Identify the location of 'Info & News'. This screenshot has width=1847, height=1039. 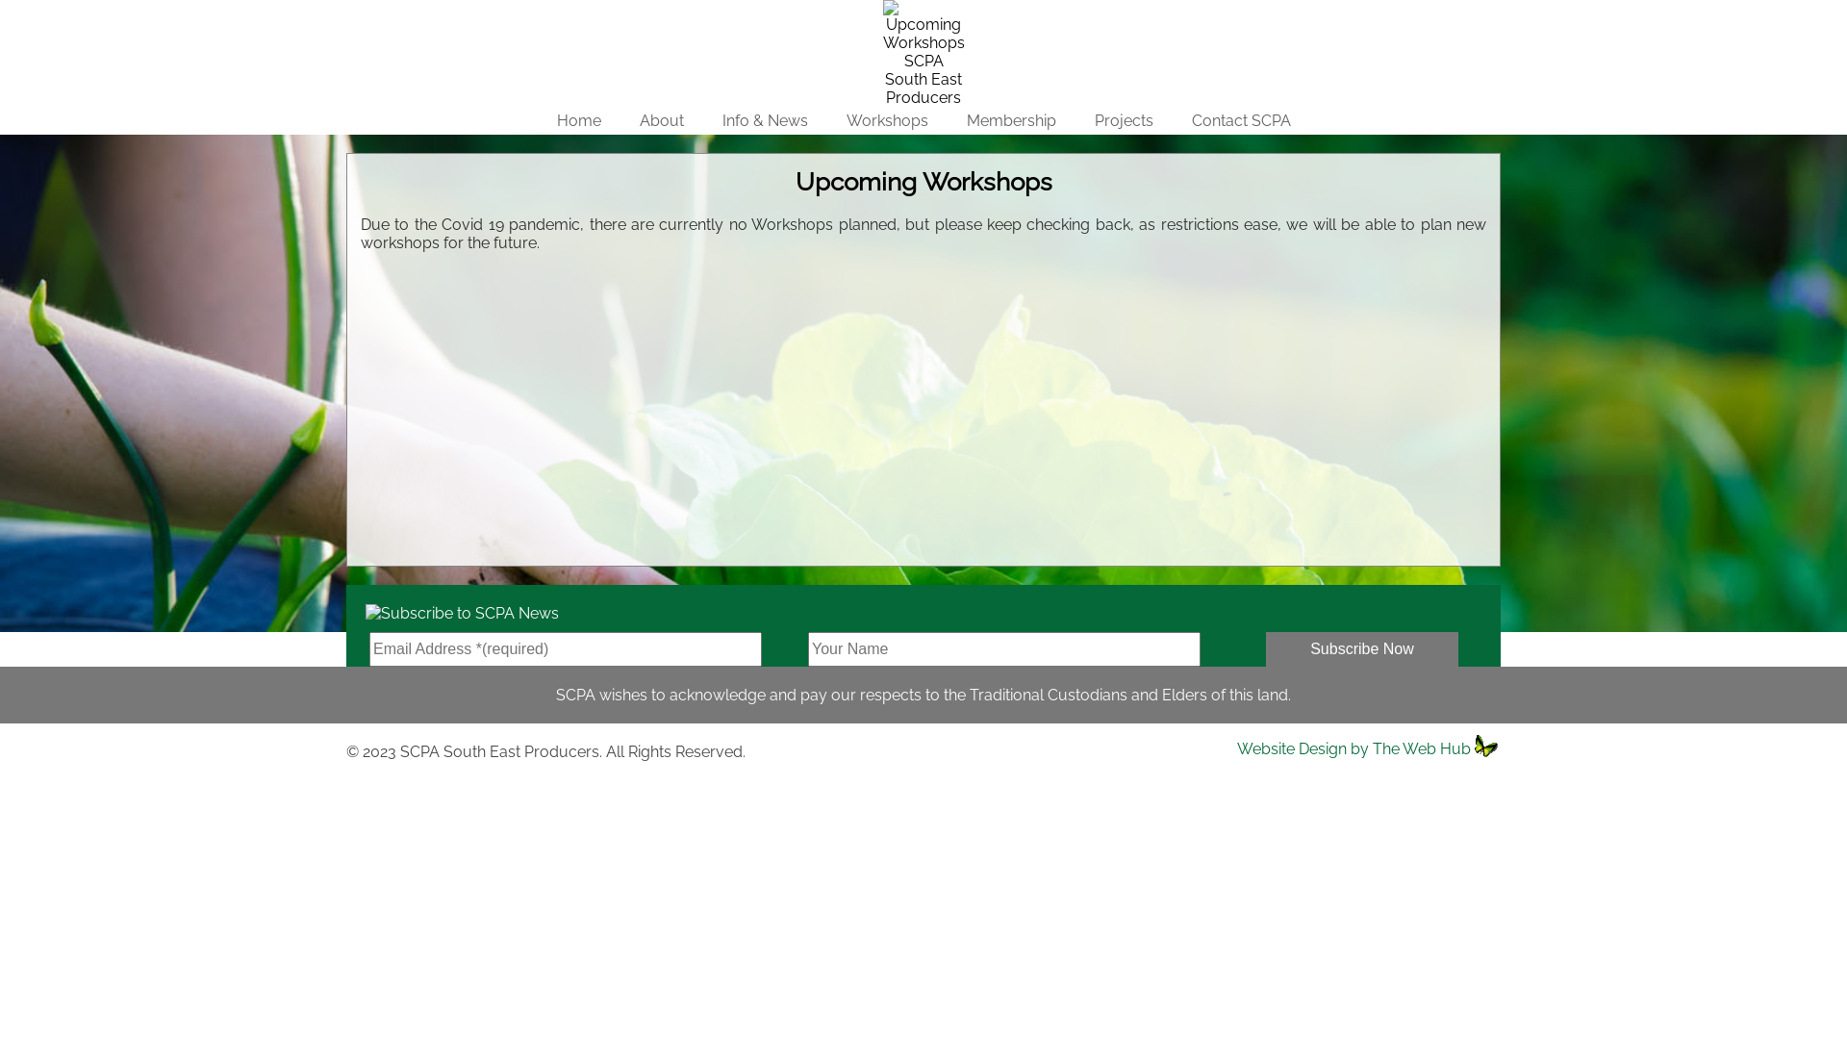
(763, 13).